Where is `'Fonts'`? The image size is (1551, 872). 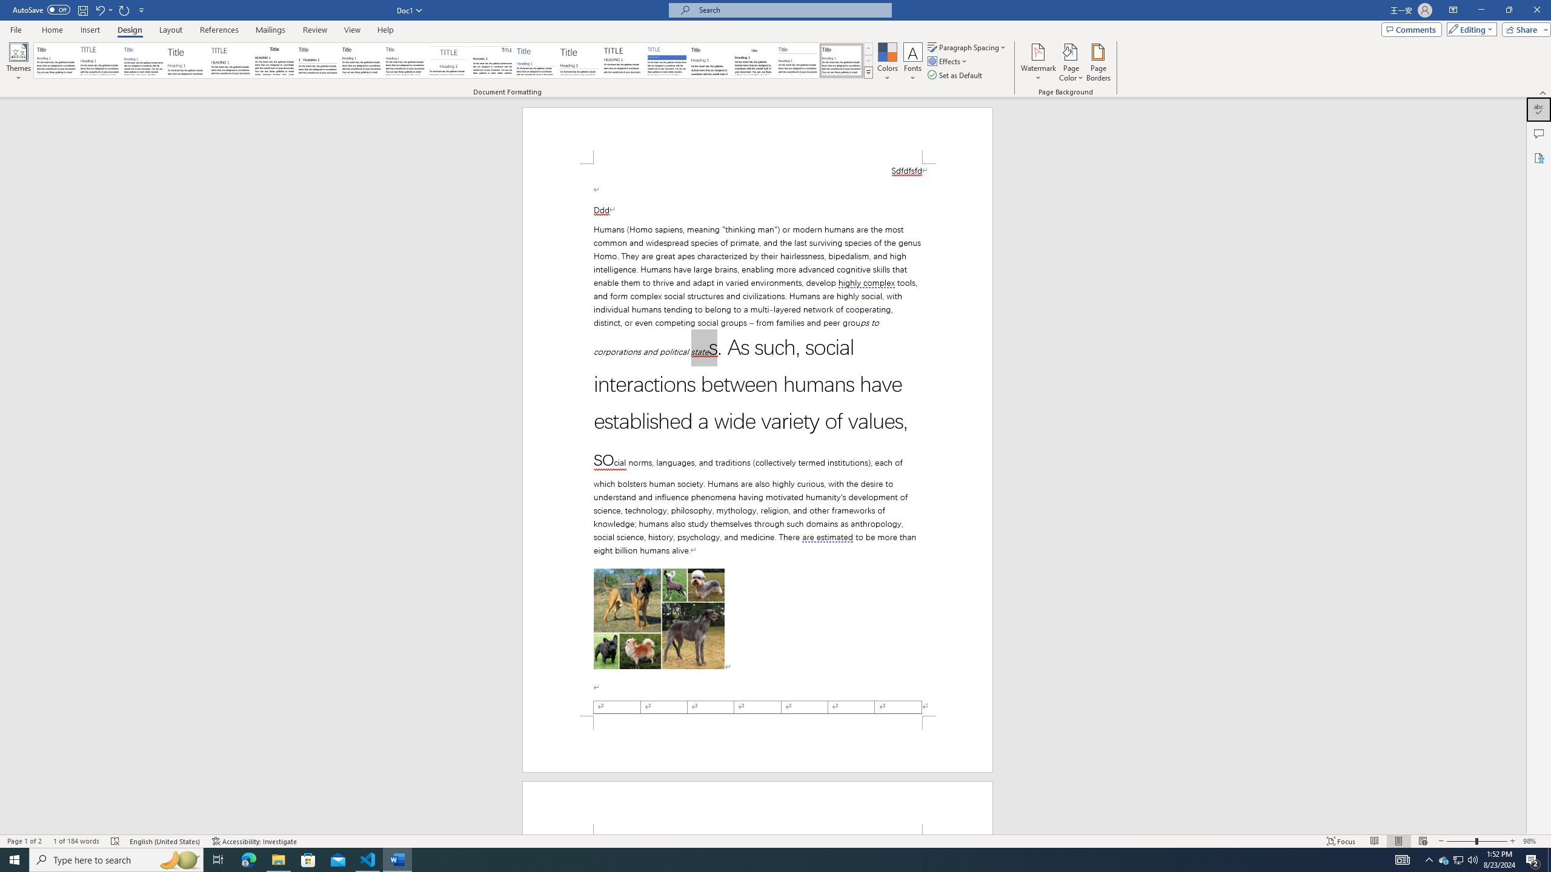
'Fonts' is located at coordinates (912, 62).